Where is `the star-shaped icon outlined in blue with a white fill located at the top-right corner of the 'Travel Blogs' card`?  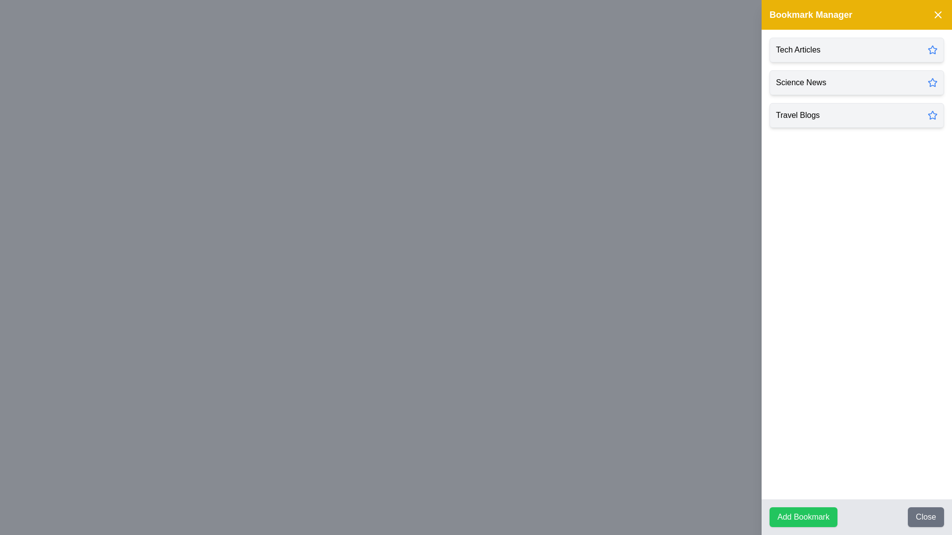 the star-shaped icon outlined in blue with a white fill located at the top-right corner of the 'Travel Blogs' card is located at coordinates (932, 114).